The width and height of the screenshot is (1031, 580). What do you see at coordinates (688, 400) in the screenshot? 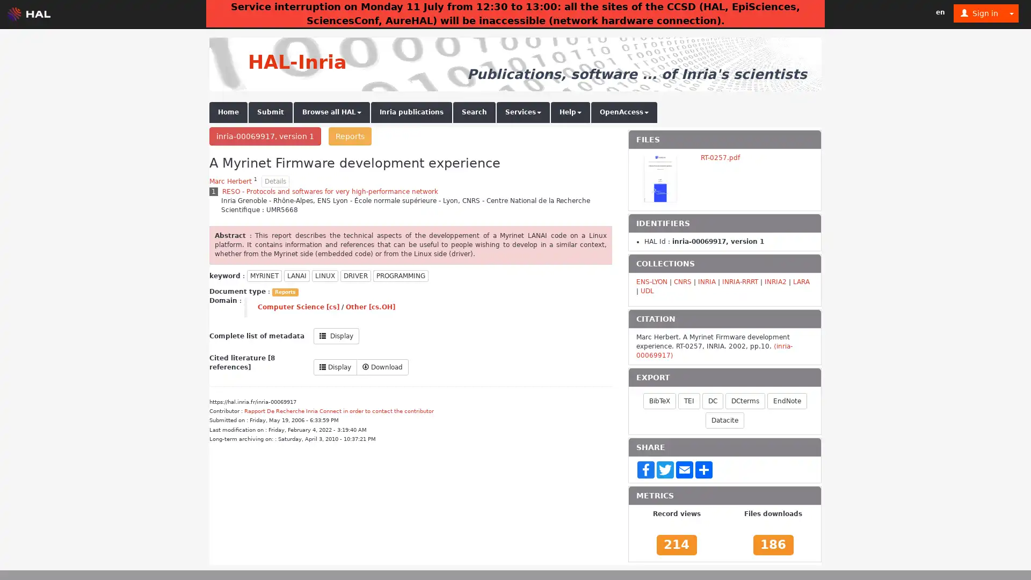
I see `TEI` at bounding box center [688, 400].